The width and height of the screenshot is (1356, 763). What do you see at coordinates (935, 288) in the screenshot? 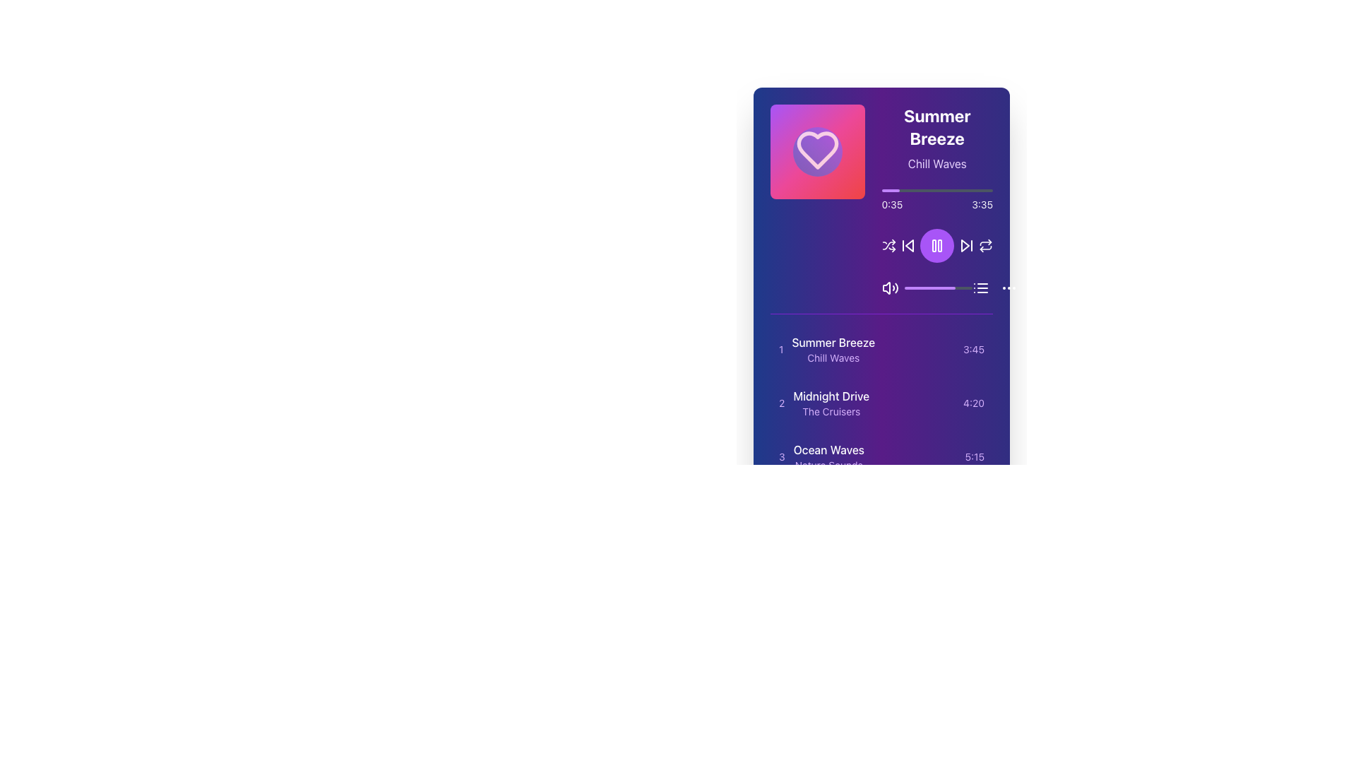
I see `the progress value` at bounding box center [935, 288].